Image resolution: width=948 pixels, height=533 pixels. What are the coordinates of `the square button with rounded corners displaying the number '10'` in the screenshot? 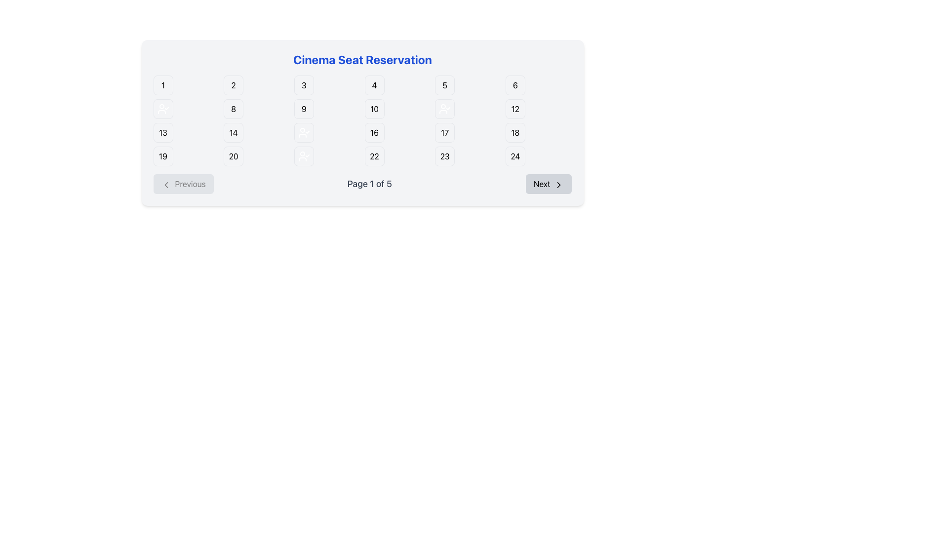 It's located at (374, 109).